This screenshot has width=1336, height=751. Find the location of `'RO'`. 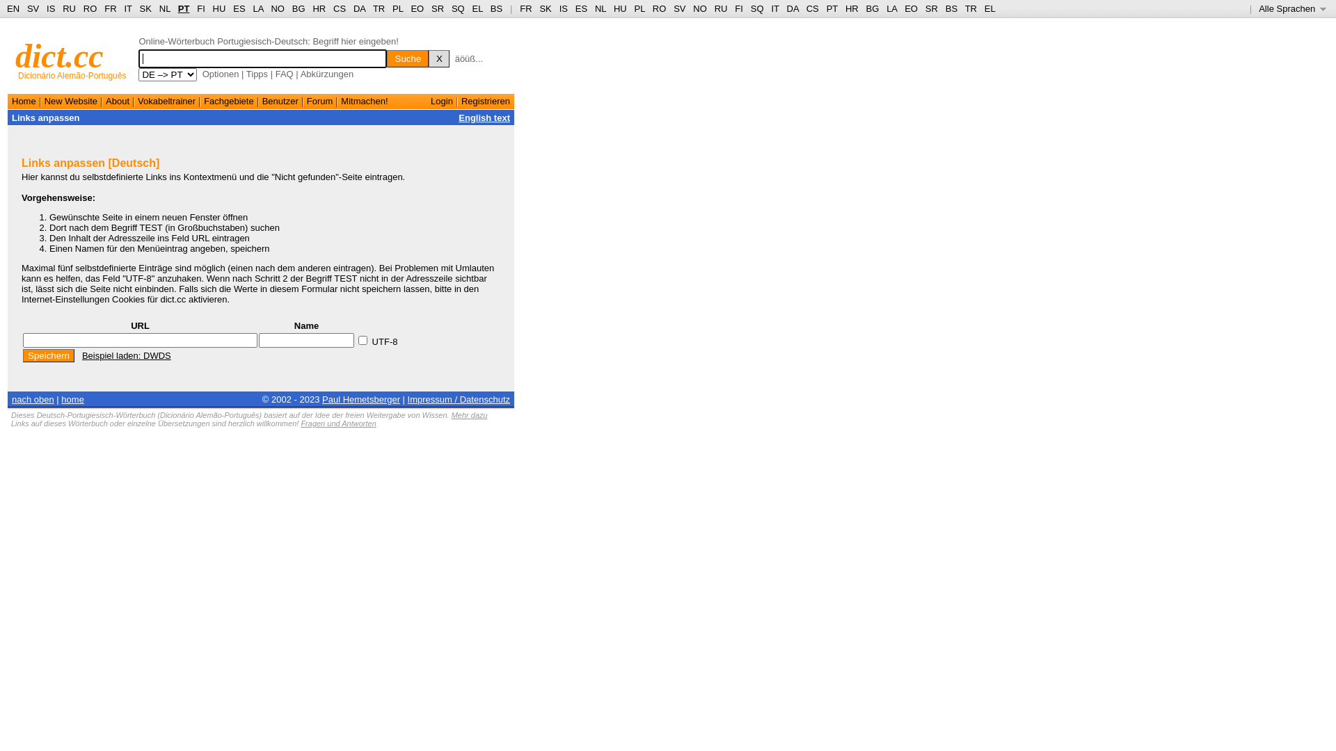

'RO' is located at coordinates (659, 8).